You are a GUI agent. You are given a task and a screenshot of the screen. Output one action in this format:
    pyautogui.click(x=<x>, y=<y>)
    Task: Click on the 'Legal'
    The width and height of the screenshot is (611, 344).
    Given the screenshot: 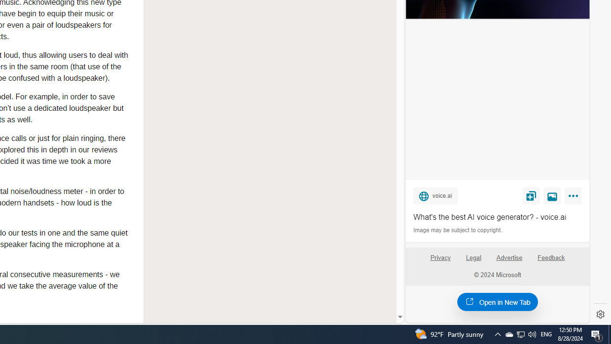 What is the action you would take?
    pyautogui.click(x=474, y=257)
    